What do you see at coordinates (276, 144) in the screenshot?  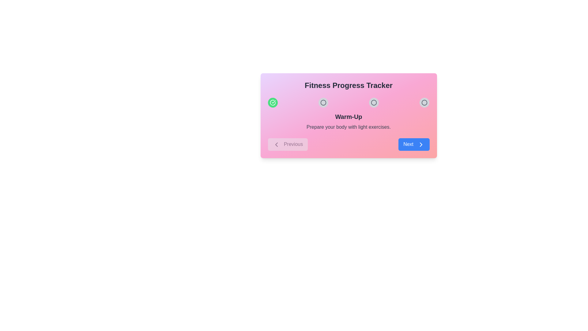 I see `the icon located to the left of the 'Previous' text in the 'Previous' button of the 'Fitness Progress Tracker' interface` at bounding box center [276, 144].